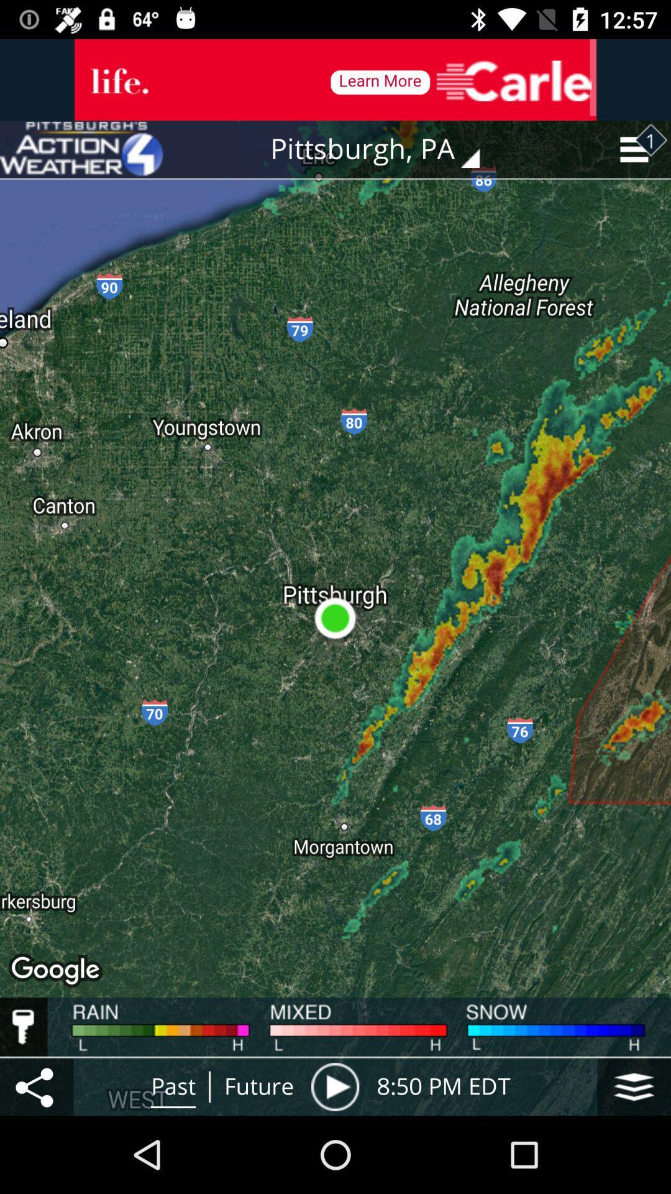 The height and width of the screenshot is (1194, 671). I want to click on pittsburgh, pa icon, so click(383, 149).